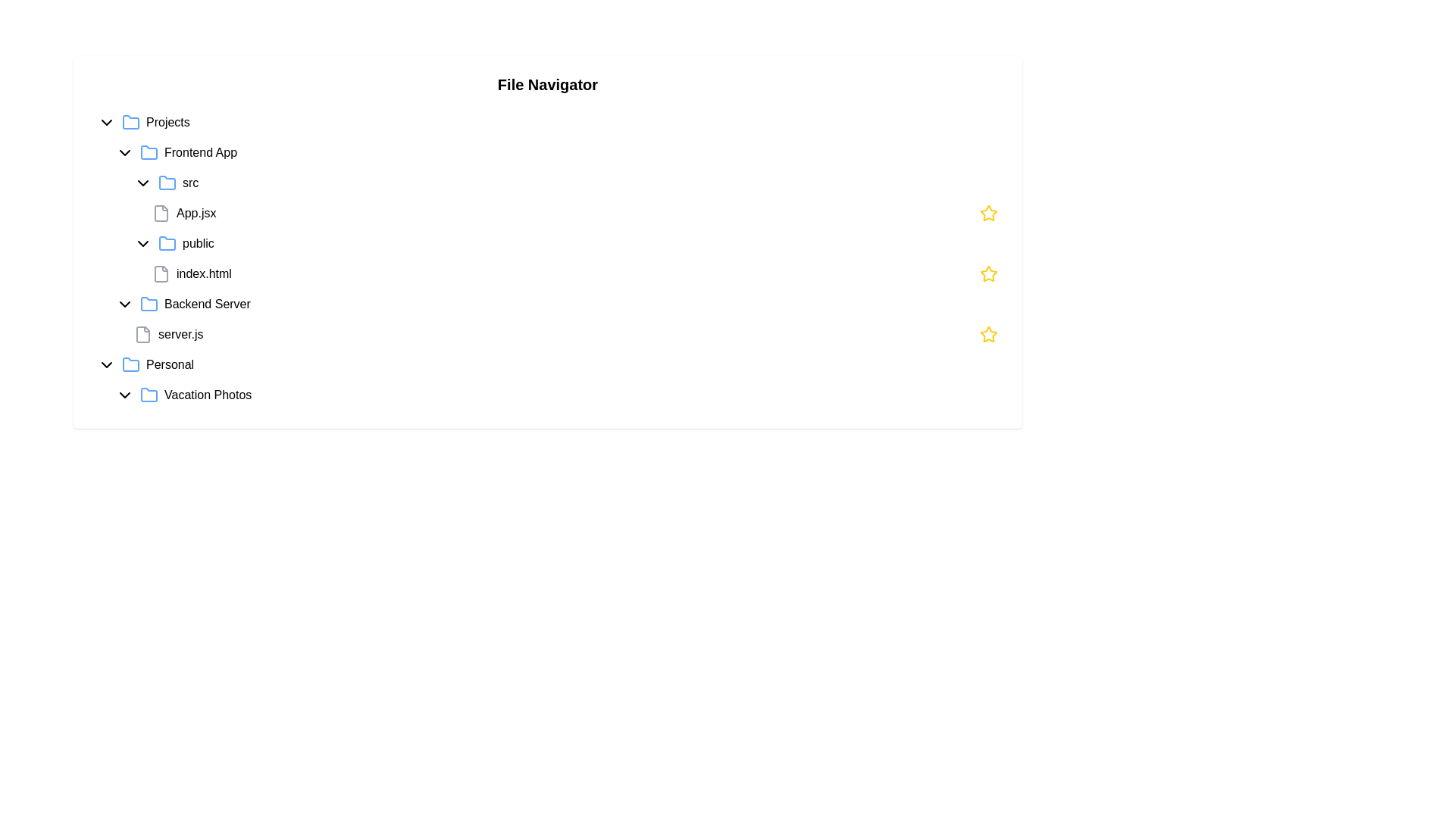  Describe the element at coordinates (161, 274) in the screenshot. I see `the File icon, which is a small gray document-like icon located to the left of 'index.html'` at that location.